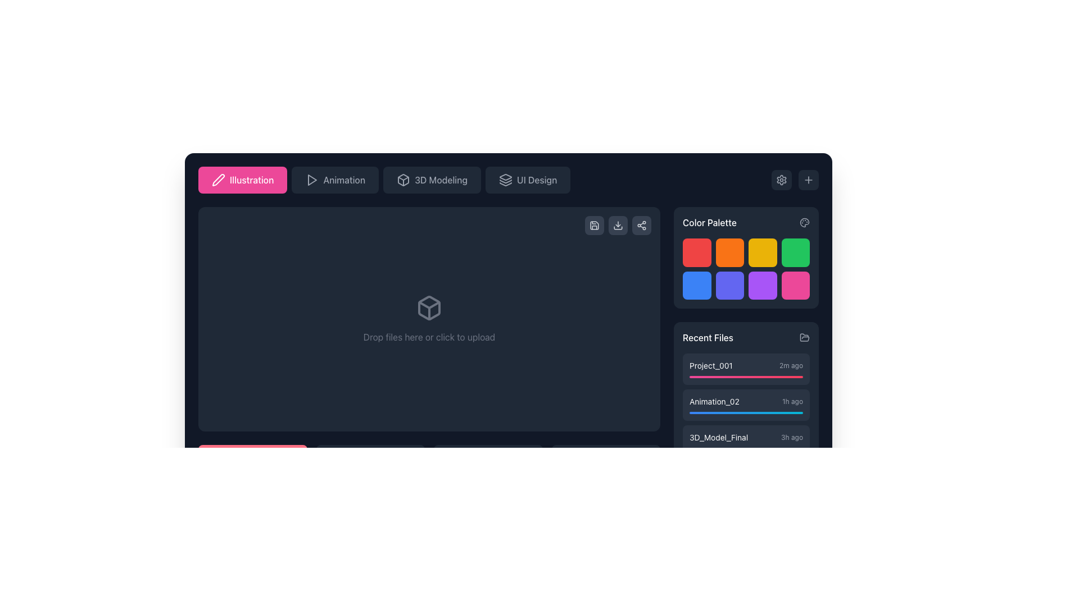 This screenshot has height=606, width=1079. Describe the element at coordinates (746, 258) in the screenshot. I see `the color swatch in the upper-right color chooser grid` at that location.